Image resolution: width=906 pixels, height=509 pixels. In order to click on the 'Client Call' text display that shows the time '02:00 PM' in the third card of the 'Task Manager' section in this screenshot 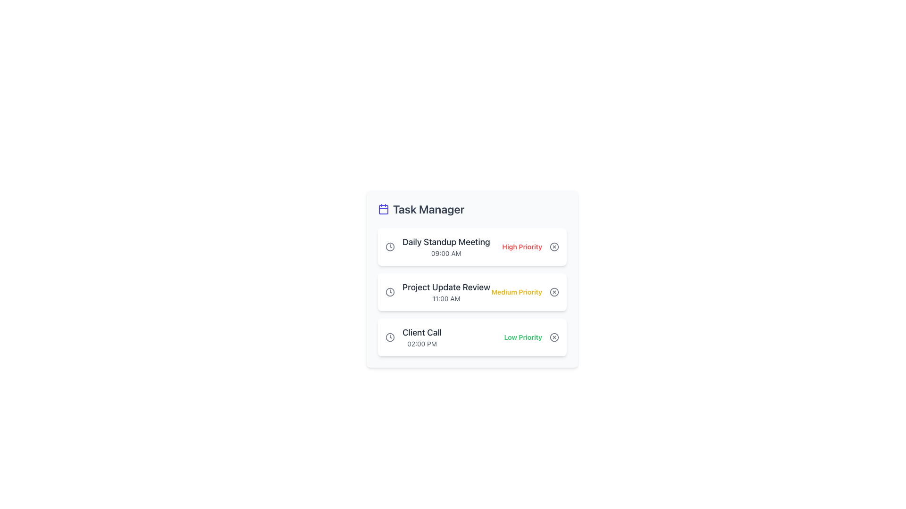, I will do `click(421, 337)`.